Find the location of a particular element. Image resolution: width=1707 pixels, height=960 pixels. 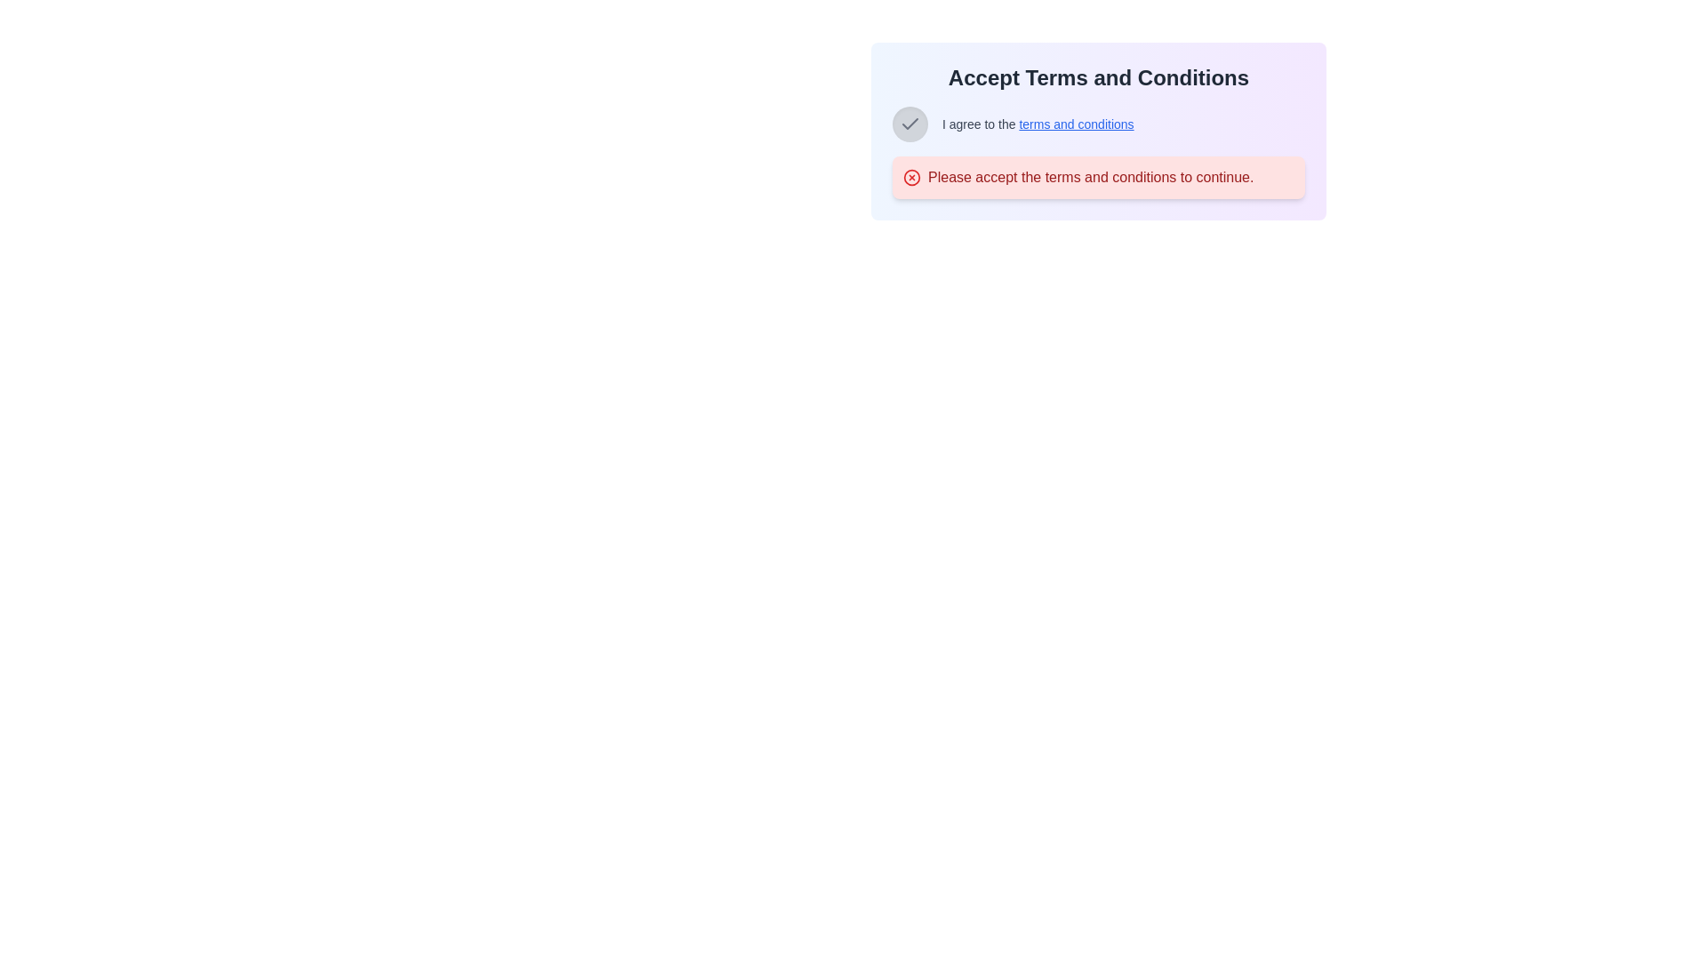

the red circular icon with a white cross symbol, positioned within a small red circular background, located to the left of an error message is located at coordinates (912, 178).